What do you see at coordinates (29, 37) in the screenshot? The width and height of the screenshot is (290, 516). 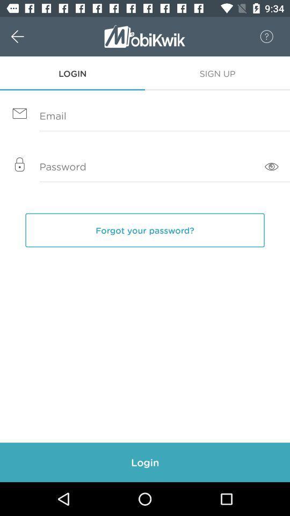 I see `icon above login` at bounding box center [29, 37].